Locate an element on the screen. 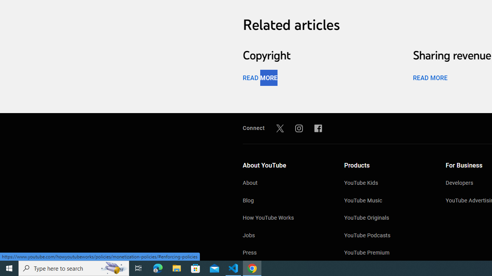  'Facebook' is located at coordinates (318, 128).